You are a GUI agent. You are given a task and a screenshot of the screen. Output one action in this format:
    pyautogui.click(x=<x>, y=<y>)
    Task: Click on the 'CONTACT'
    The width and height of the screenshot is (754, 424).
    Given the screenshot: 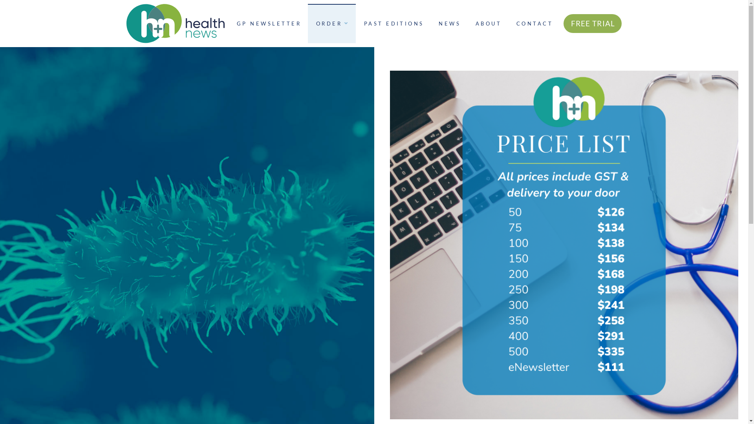 What is the action you would take?
    pyautogui.click(x=534, y=23)
    